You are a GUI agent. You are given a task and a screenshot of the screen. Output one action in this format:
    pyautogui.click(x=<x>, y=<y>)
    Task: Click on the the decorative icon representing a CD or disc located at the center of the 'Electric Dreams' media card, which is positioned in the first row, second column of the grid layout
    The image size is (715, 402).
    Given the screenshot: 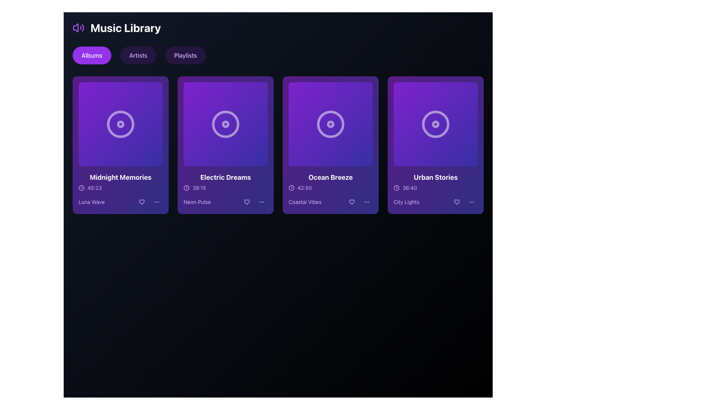 What is the action you would take?
    pyautogui.click(x=225, y=124)
    